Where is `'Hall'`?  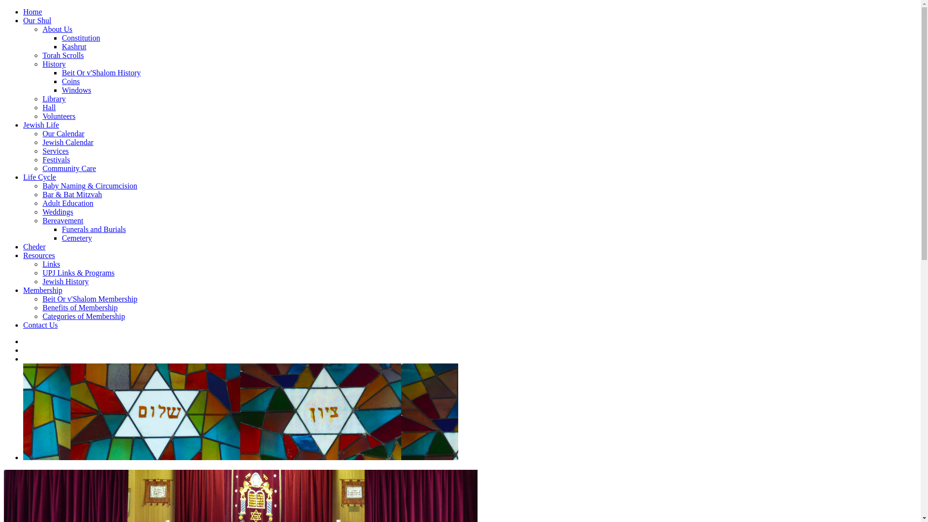 'Hall' is located at coordinates (48, 107).